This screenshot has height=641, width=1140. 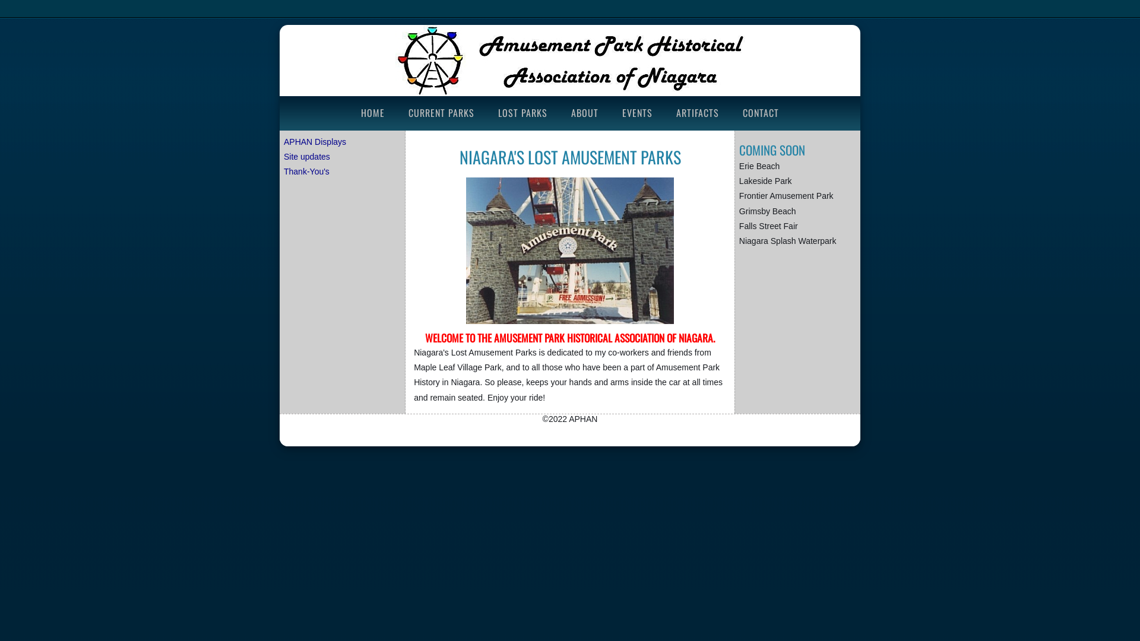 I want to click on 'LOST PARKS', so click(x=522, y=112).